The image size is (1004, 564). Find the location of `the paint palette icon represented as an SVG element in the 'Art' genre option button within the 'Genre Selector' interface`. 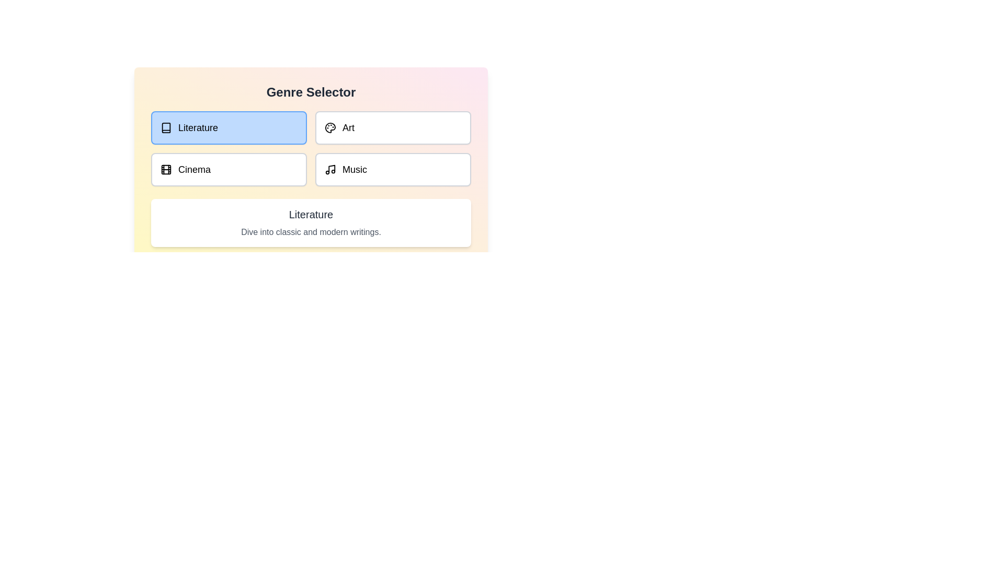

the paint palette icon represented as an SVG element in the 'Art' genre option button within the 'Genre Selector' interface is located at coordinates (330, 127).